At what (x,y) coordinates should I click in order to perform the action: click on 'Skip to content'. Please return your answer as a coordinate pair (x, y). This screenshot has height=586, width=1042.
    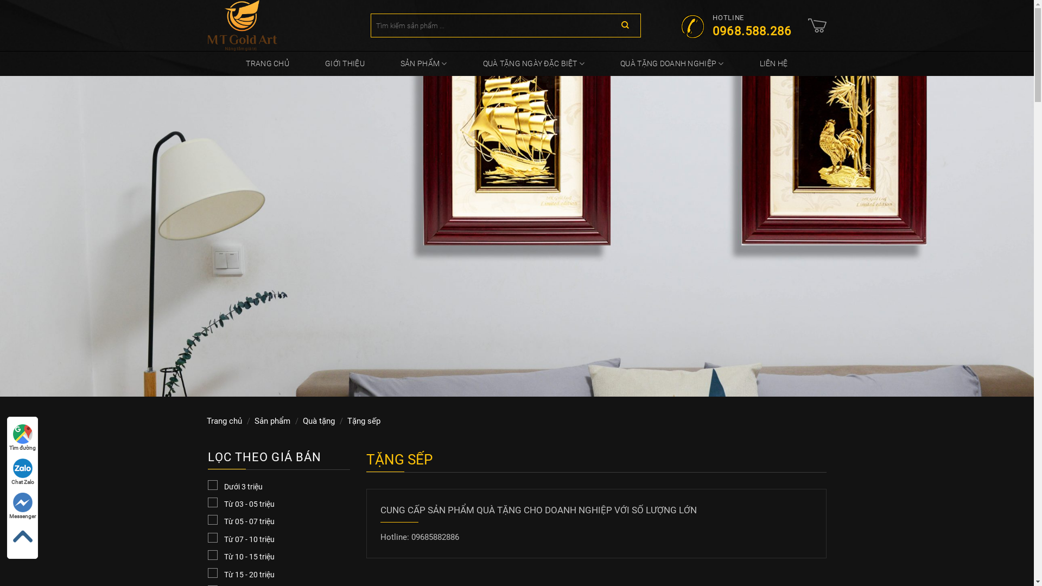
    Looking at the image, I should click on (0, 0).